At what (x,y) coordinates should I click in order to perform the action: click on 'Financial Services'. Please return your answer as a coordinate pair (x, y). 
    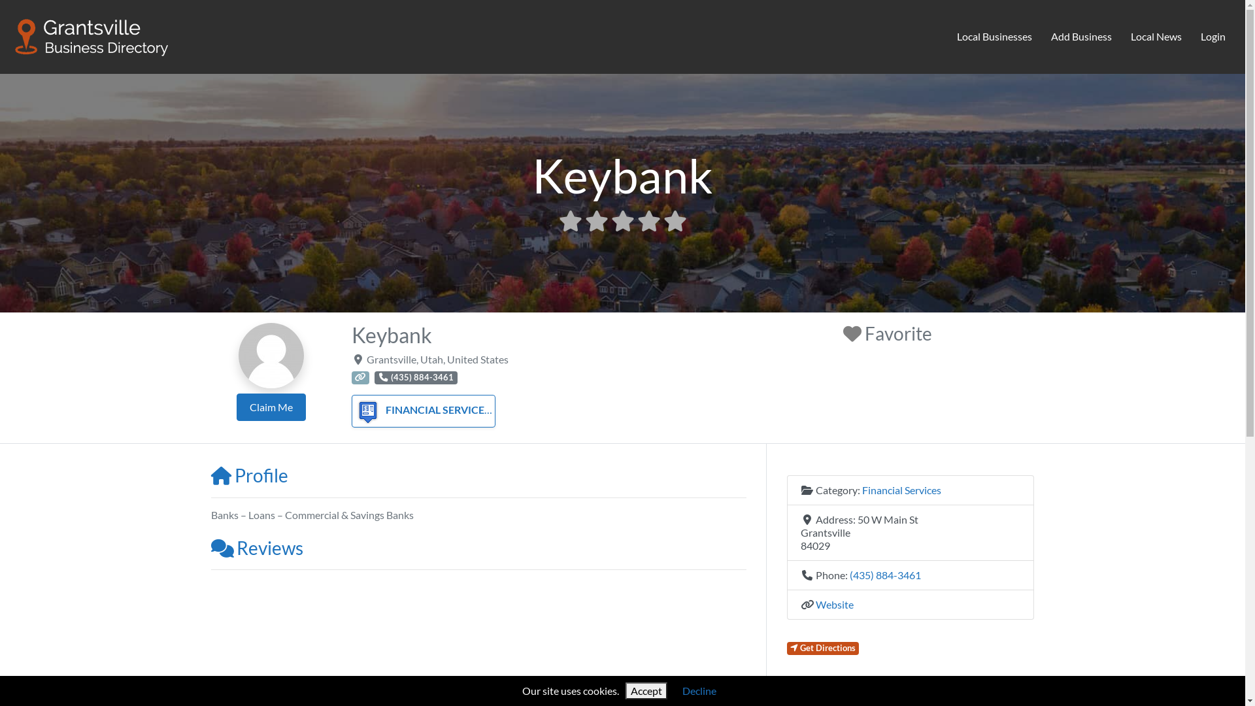
    Looking at the image, I should click on (900, 490).